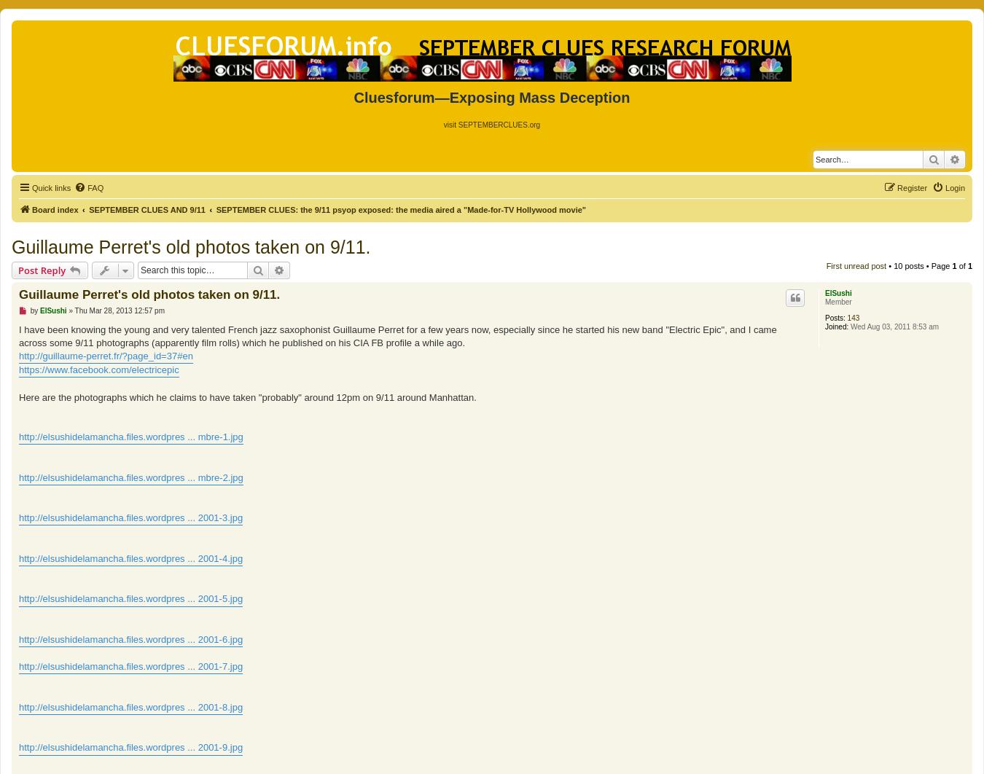 This screenshot has width=984, height=774. I want to click on 'http://elsushidelamancha.files.wordpres ... 2001-7.jpg', so click(130, 665).